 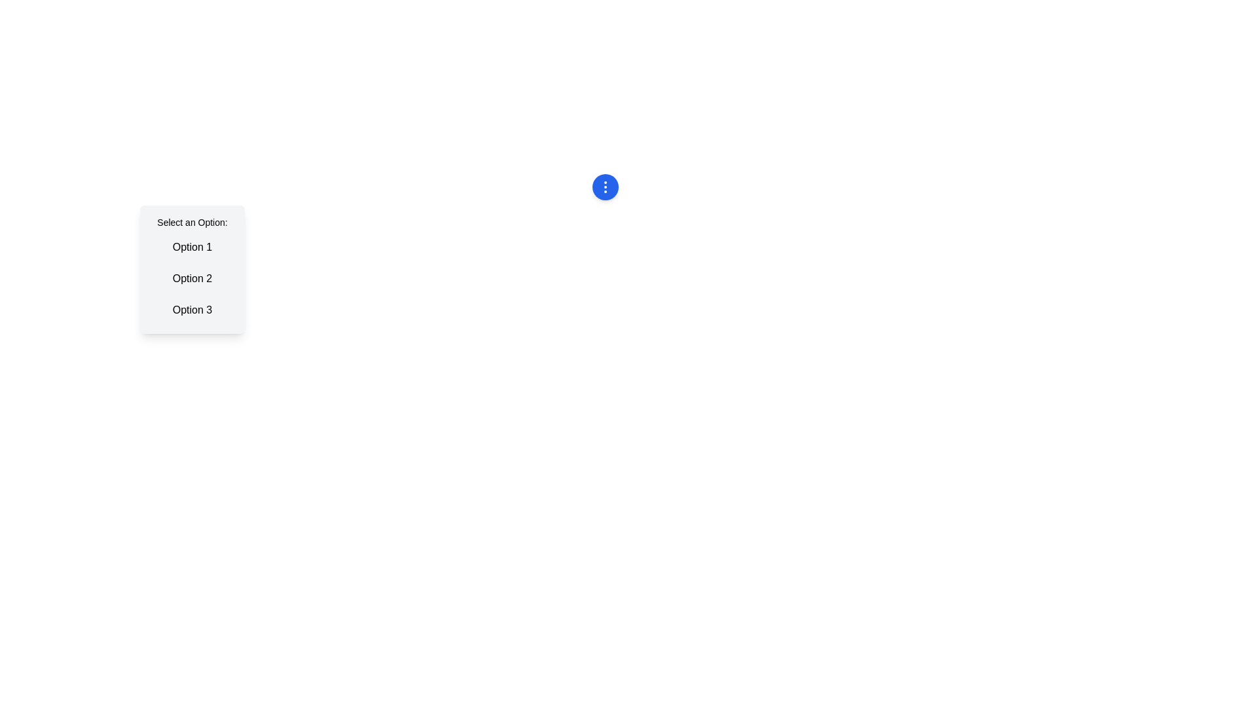 What do you see at coordinates (191, 278) in the screenshot?
I see `the selectable label for 'Option 2'` at bounding box center [191, 278].